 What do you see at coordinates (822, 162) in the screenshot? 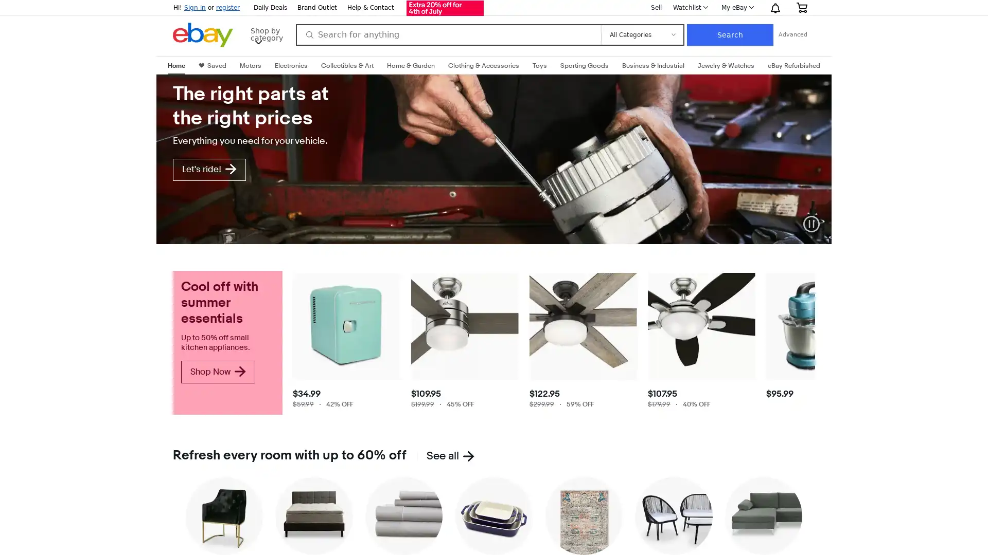
I see `Go to next banner` at bounding box center [822, 162].